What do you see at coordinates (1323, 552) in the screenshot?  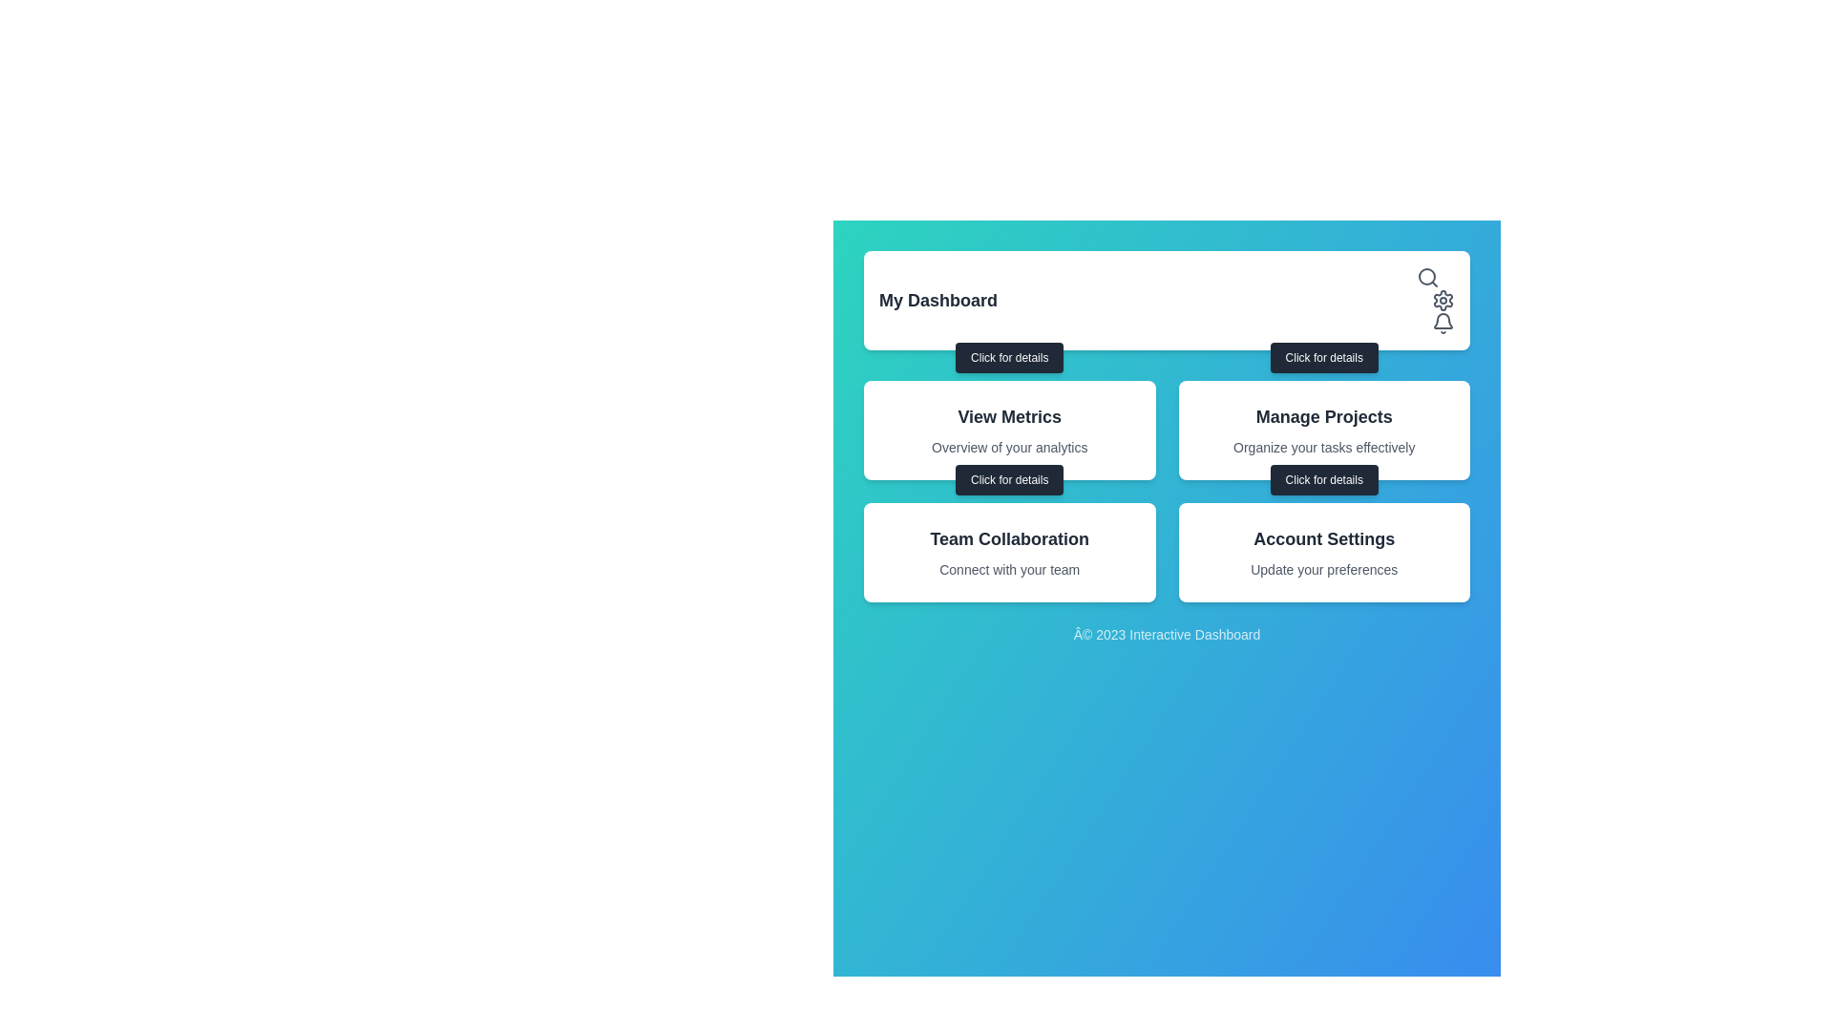 I see `the Informational tile that provides access to account settings for accessibility navigation` at bounding box center [1323, 552].